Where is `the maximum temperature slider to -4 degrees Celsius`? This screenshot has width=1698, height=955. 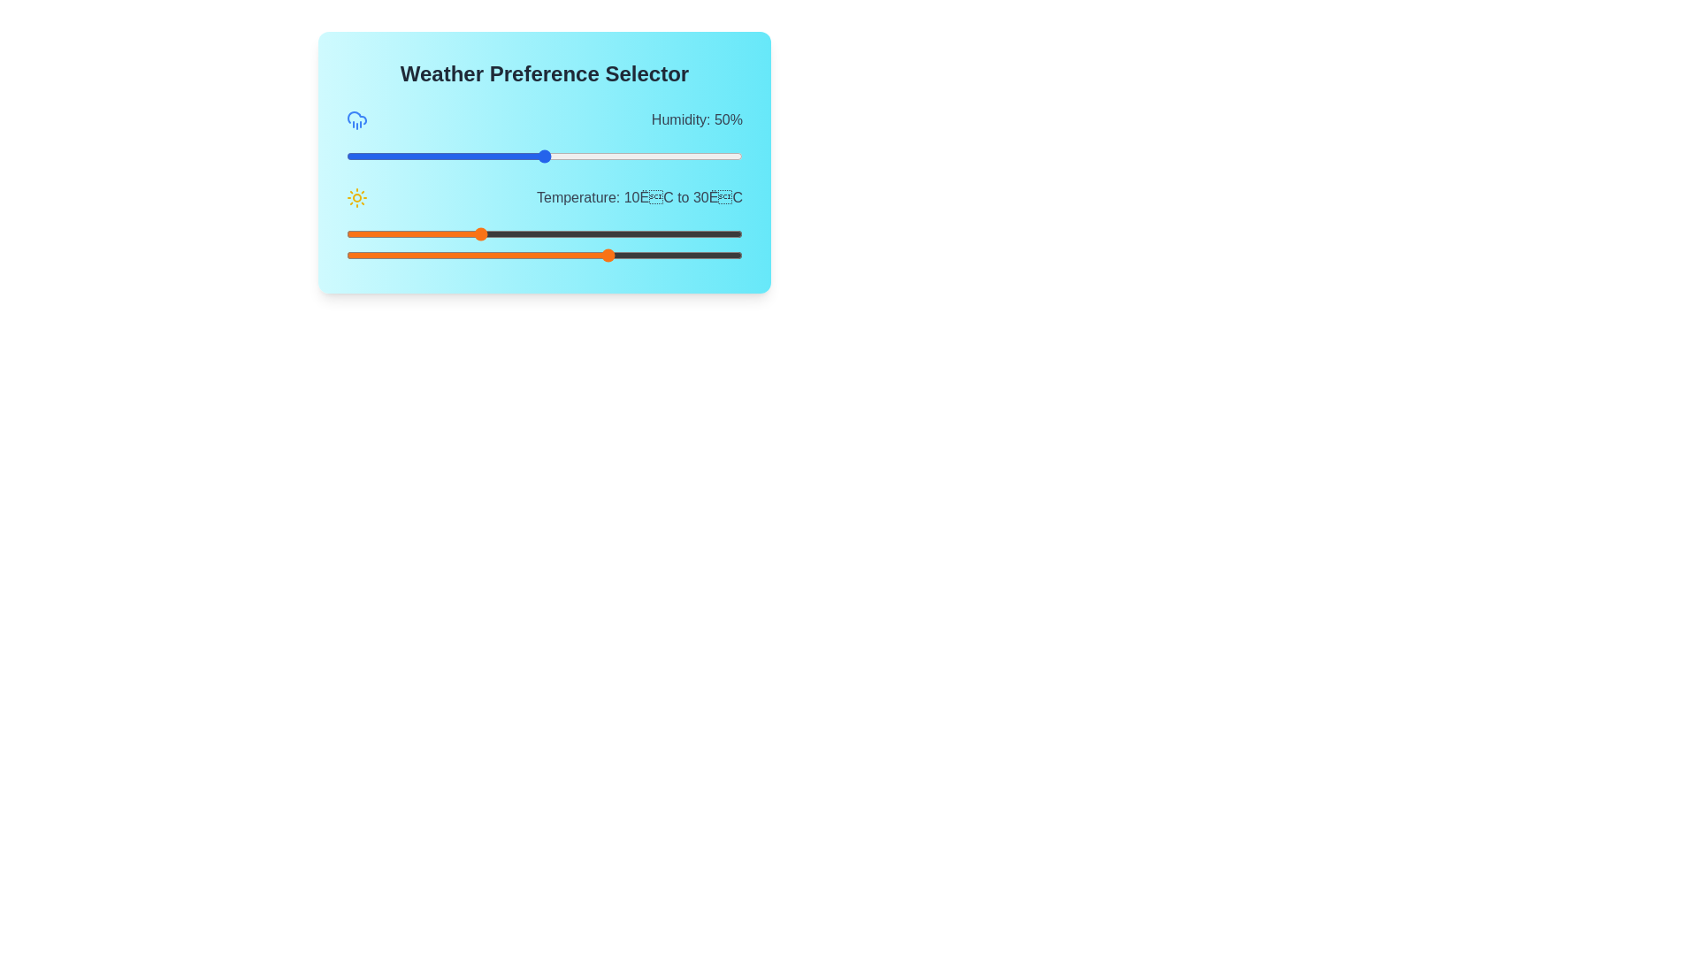 the maximum temperature slider to -4 degrees Celsius is located at coordinates (385, 256).